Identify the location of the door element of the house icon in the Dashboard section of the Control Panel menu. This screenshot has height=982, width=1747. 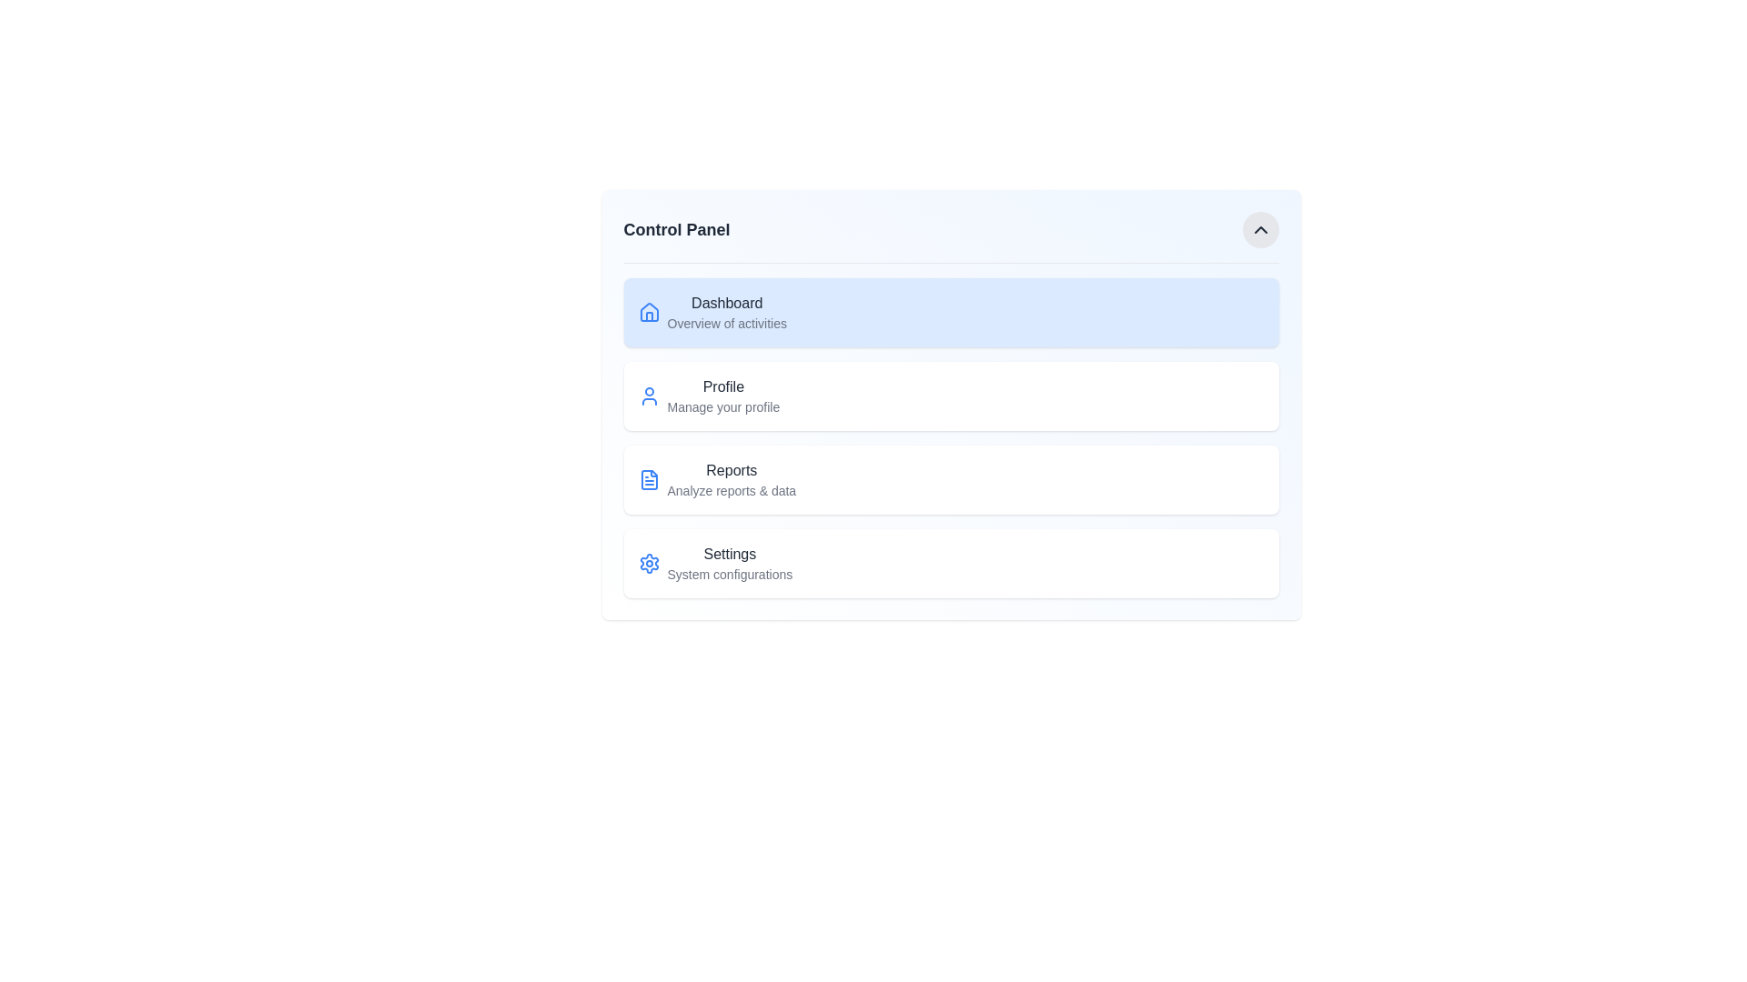
(649, 316).